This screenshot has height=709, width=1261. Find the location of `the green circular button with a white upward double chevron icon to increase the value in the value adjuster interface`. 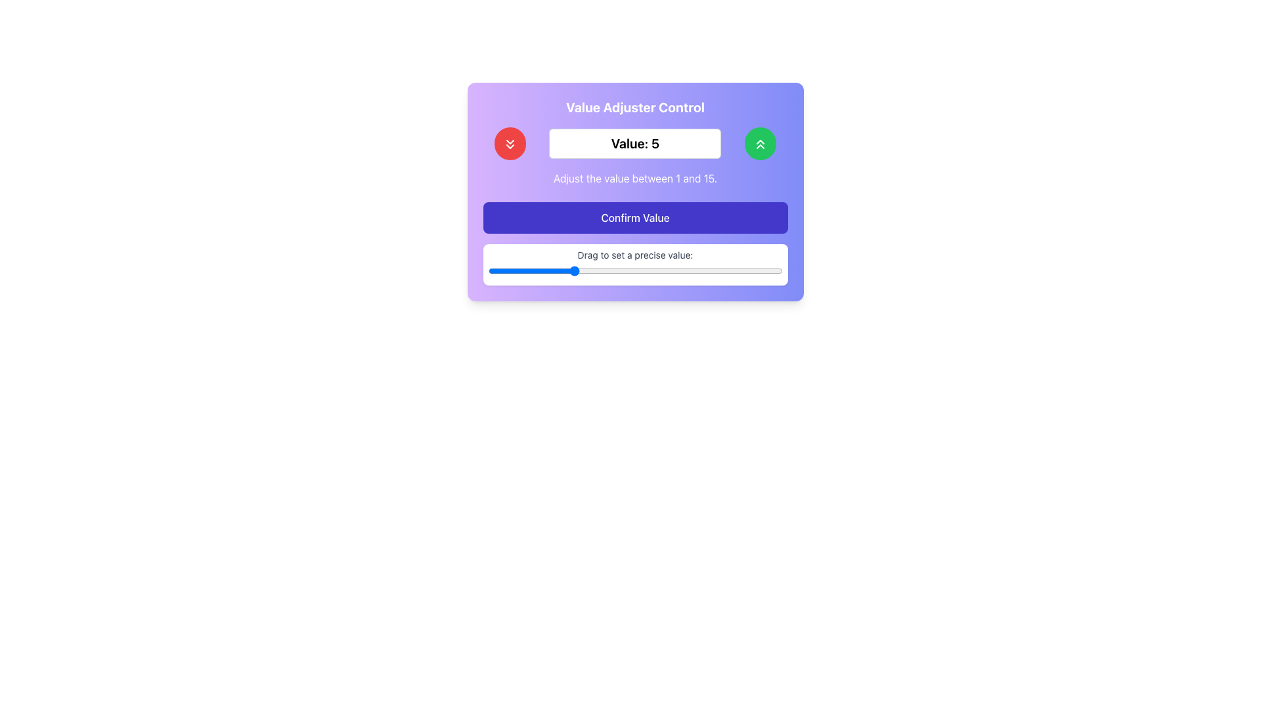

the green circular button with a white upward double chevron icon to increase the value in the value adjuster interface is located at coordinates (760, 143).